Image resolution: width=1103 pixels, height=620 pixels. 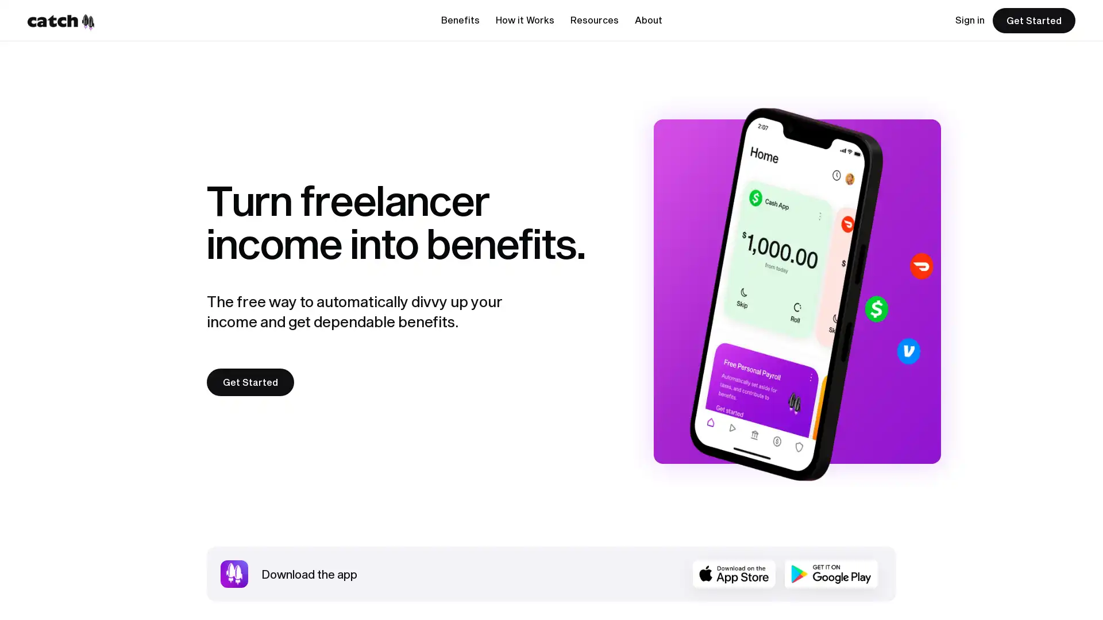 I want to click on Get Started, so click(x=1034, y=20).